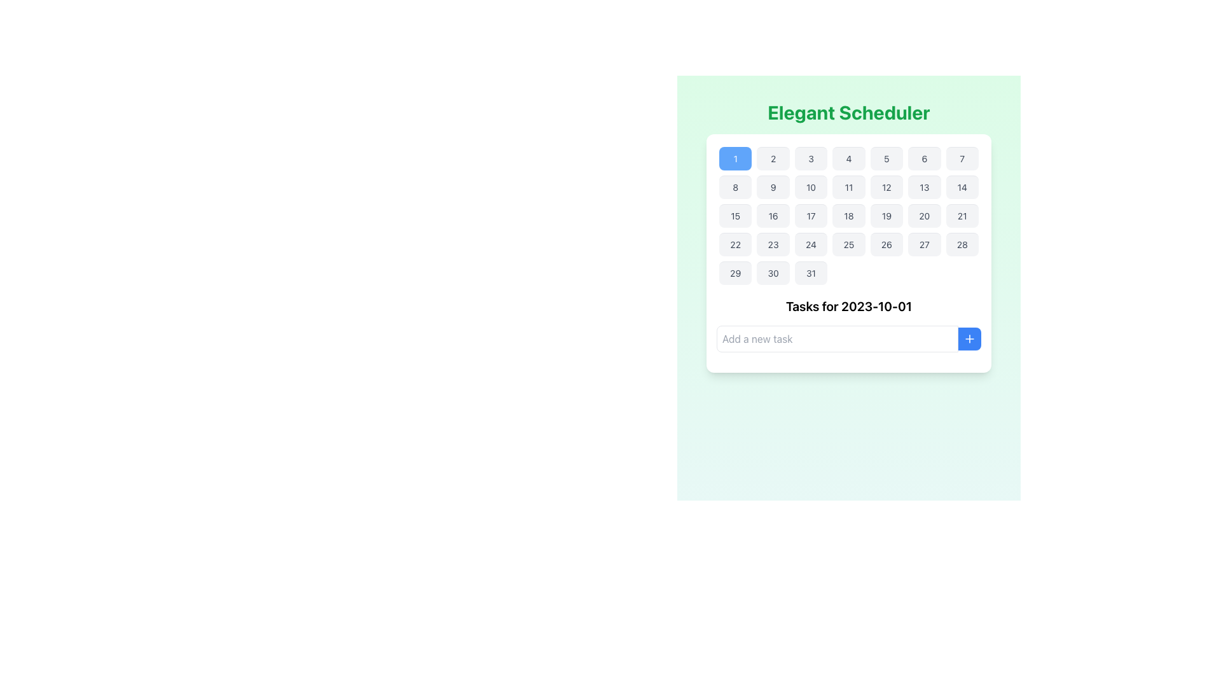  Describe the element at coordinates (886, 244) in the screenshot. I see `the button representing the 26th day in the calendar grid` at that location.